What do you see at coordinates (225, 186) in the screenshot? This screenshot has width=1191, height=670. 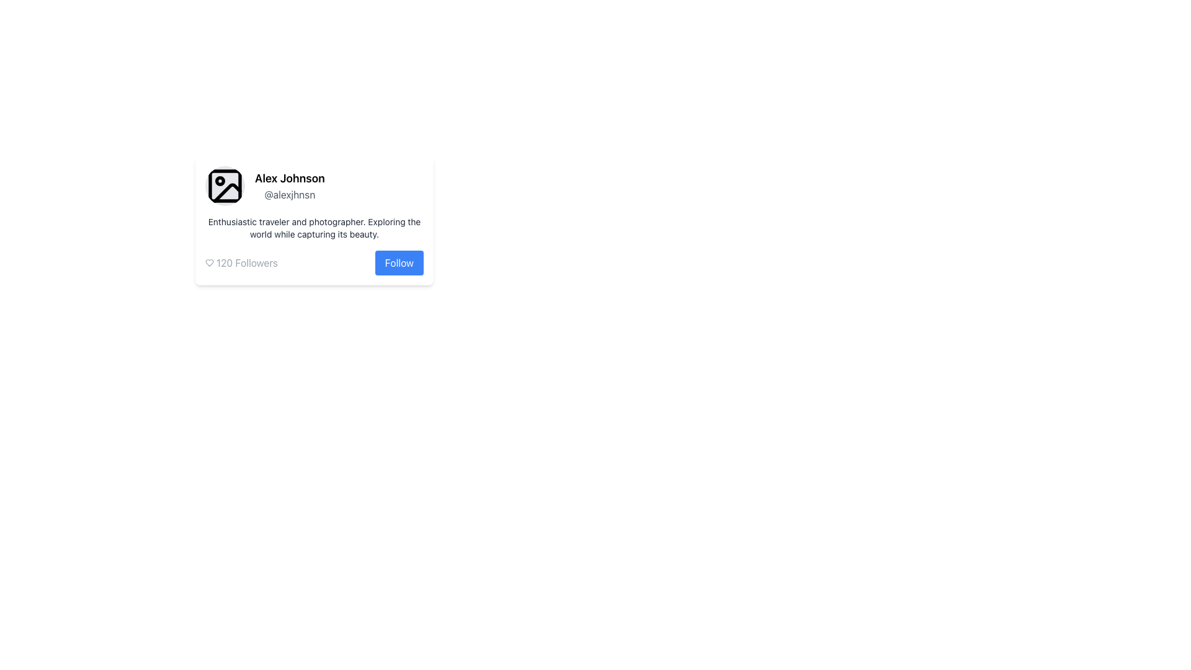 I see `the graphic or icon component representing a generic image in the profile card, located above the text 'Alex Johnson @alexjhsn'` at bounding box center [225, 186].